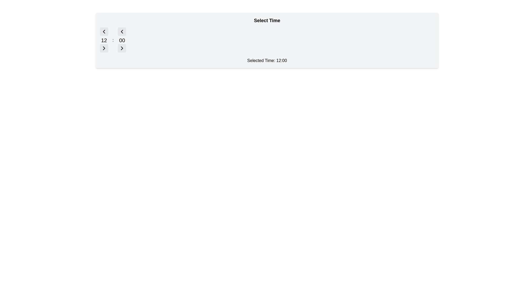 The width and height of the screenshot is (507, 285). I want to click on the text label displaying the current hour in the time-selection control, located between the 'Increase Hour' and 'Decrease Hour' buttons, so click(104, 40).